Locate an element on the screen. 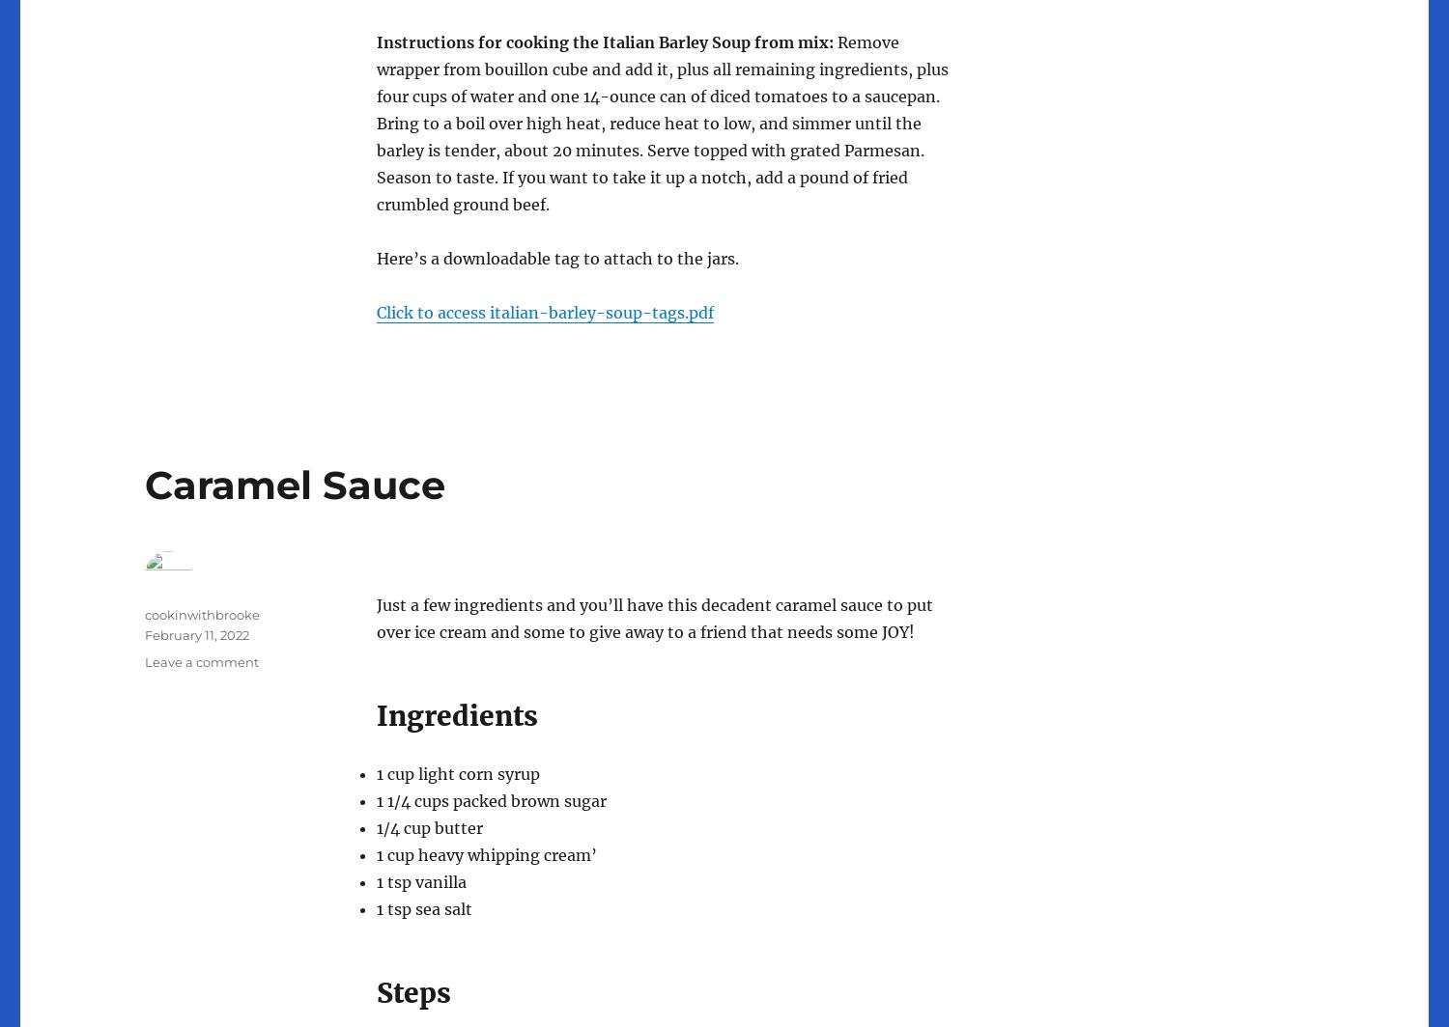 Image resolution: width=1449 pixels, height=1027 pixels. '1 tsp vanilla' is located at coordinates (421, 881).